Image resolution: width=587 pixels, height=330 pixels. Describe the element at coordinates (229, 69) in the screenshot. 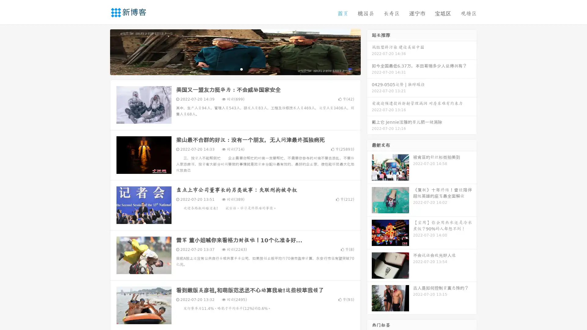

I see `Go to slide 1` at that location.